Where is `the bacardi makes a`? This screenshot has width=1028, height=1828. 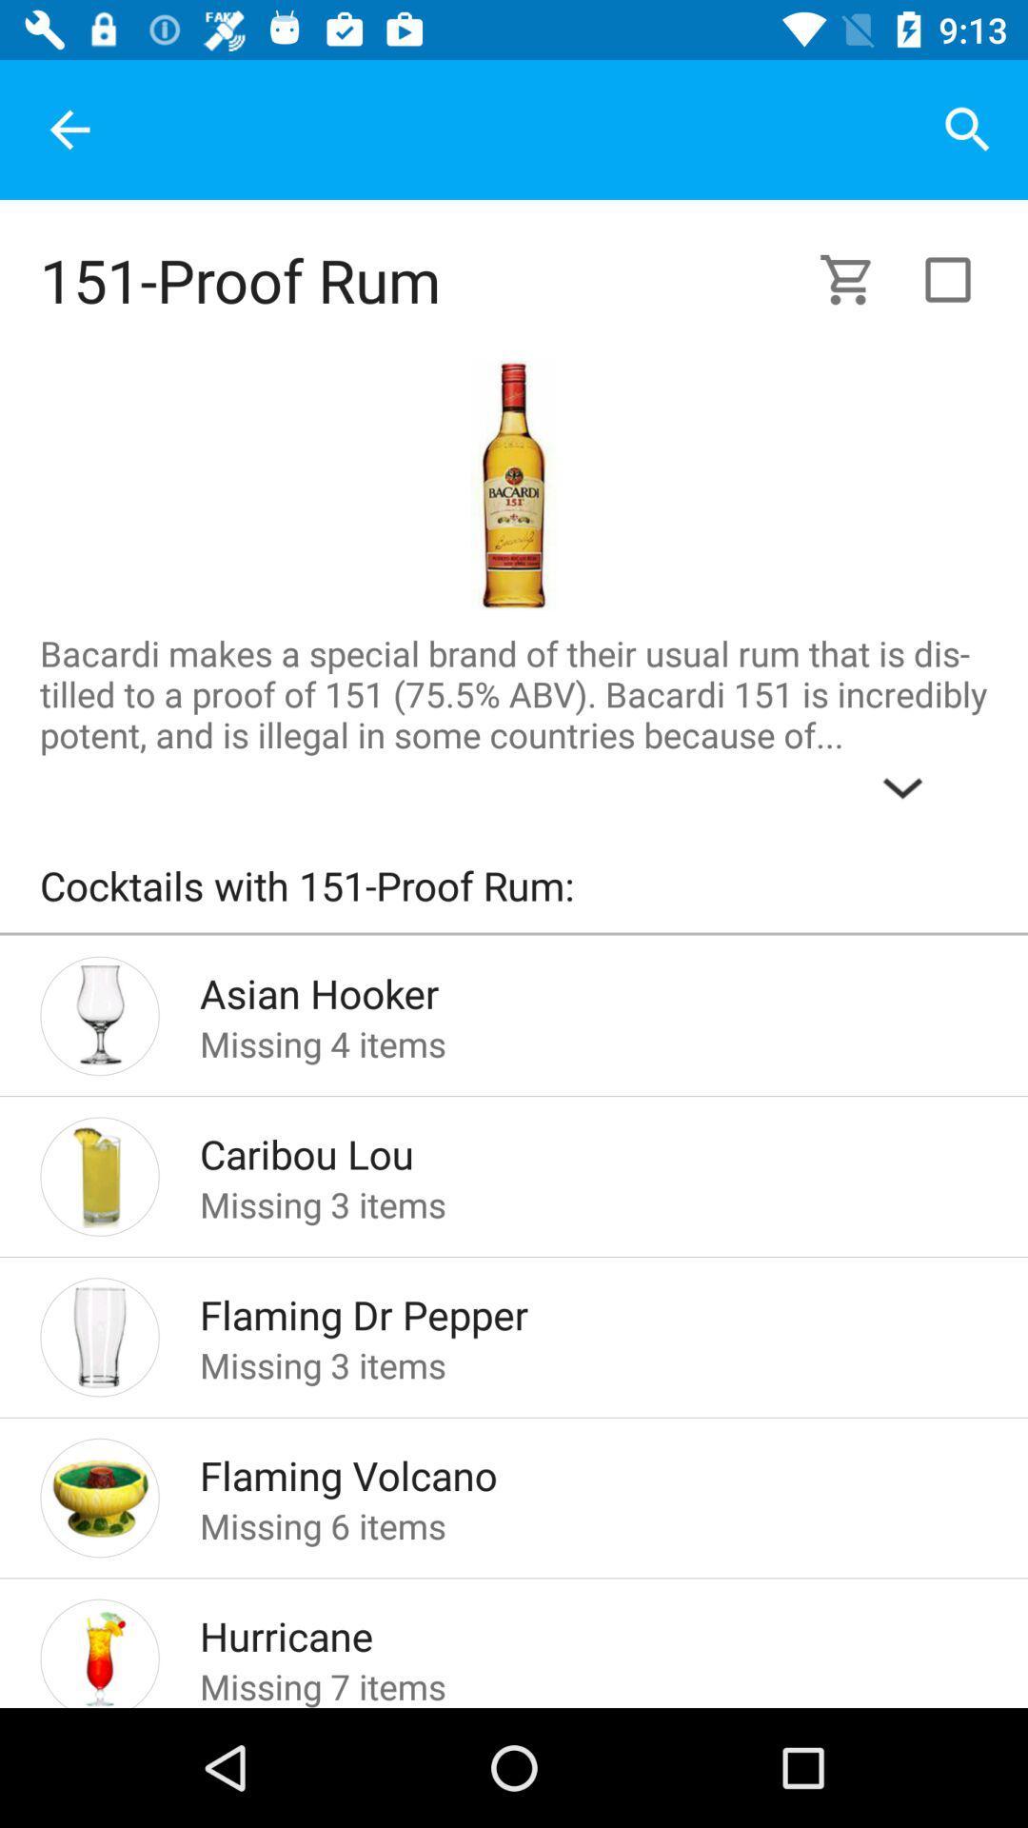
the bacardi makes a is located at coordinates (514, 723).